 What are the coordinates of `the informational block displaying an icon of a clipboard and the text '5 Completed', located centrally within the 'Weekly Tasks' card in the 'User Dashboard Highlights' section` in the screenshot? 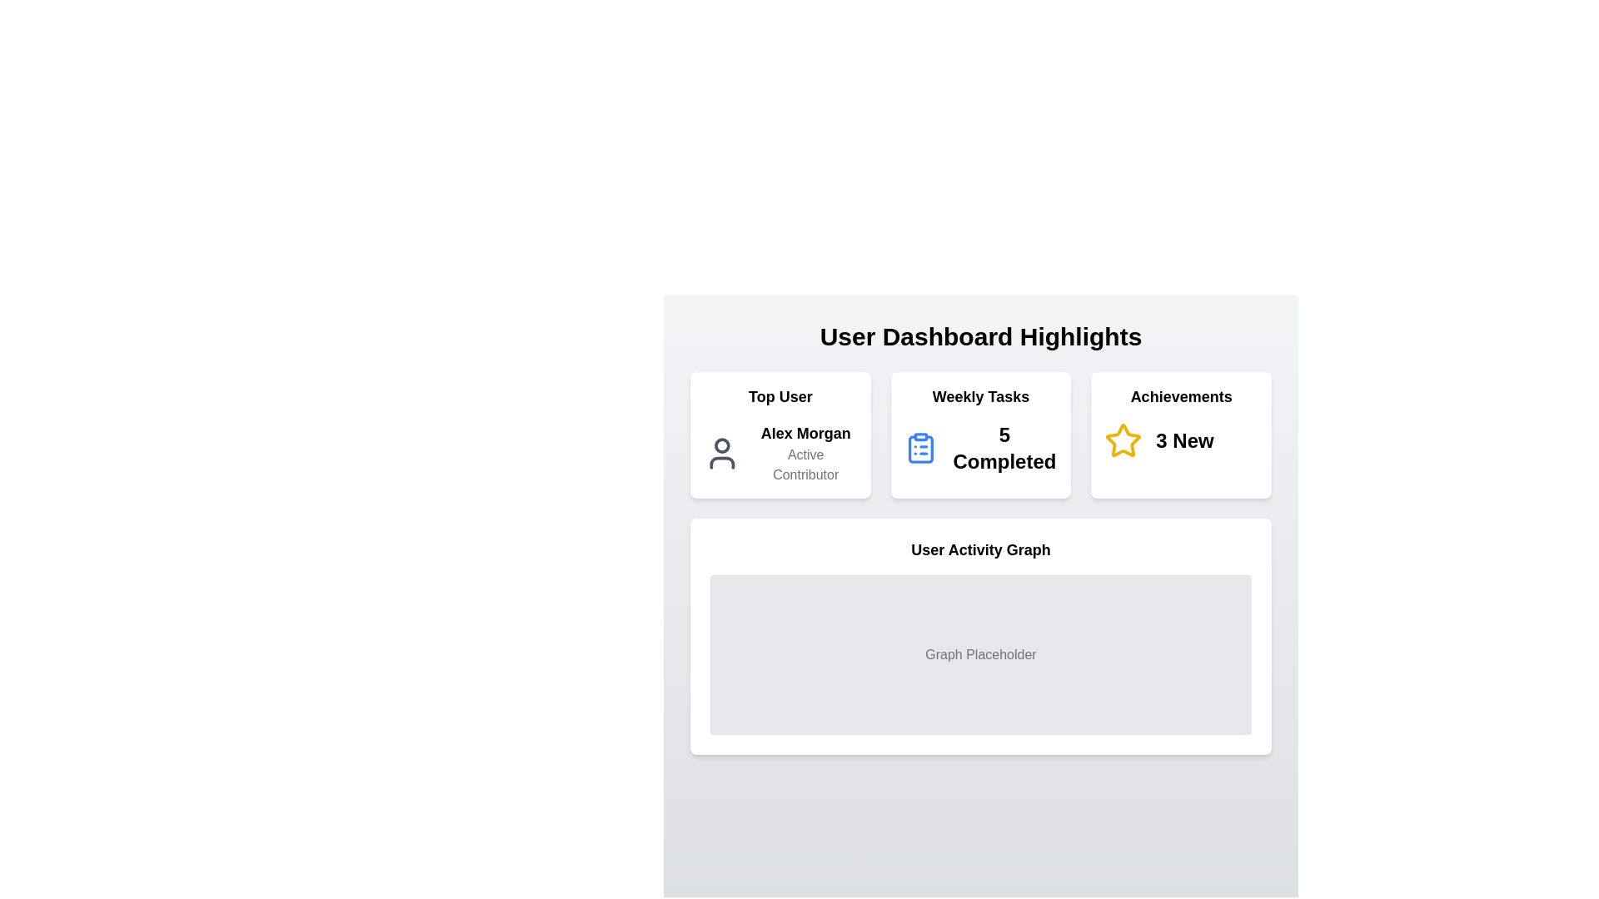 It's located at (980, 448).